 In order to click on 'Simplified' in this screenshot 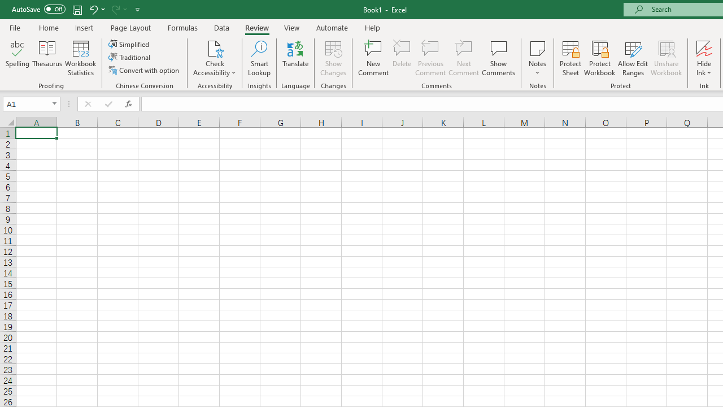, I will do `click(130, 44)`.